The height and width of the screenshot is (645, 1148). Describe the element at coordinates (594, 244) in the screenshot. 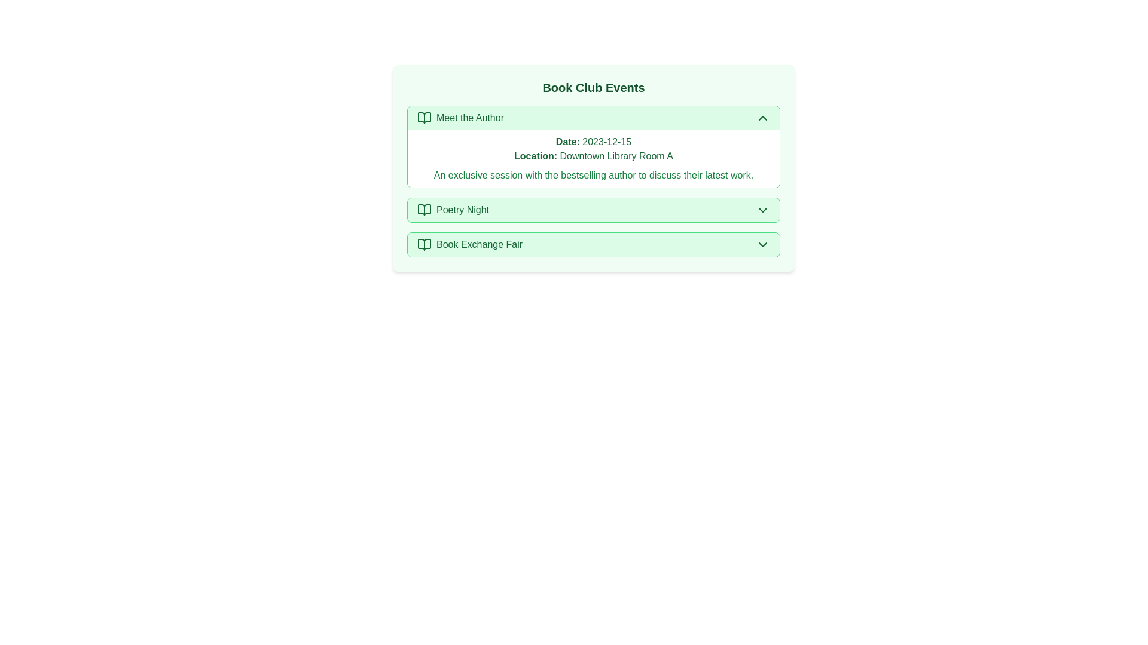

I see `'Book Exchange Fair' button, which is a horizontally elongated rectangular button with a light green background and text in bold green font, using developer tools` at that location.